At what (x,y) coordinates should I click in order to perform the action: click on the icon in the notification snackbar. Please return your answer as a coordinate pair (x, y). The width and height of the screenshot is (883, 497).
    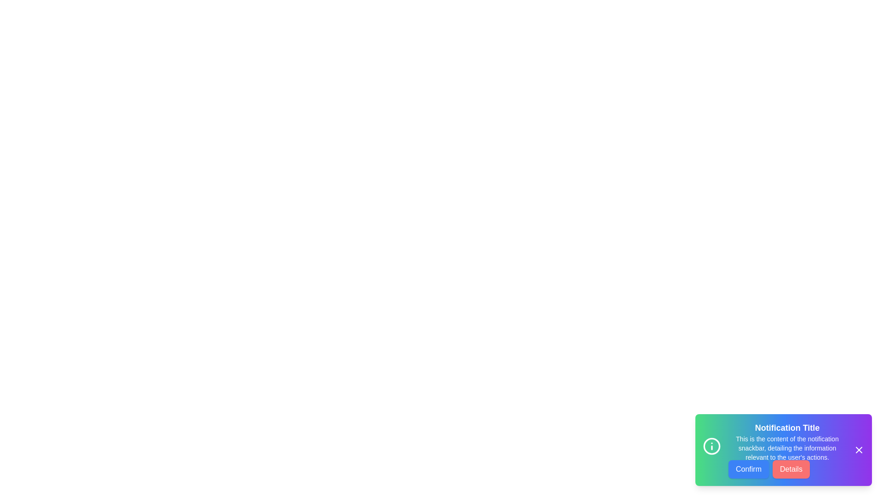
    Looking at the image, I should click on (711, 448).